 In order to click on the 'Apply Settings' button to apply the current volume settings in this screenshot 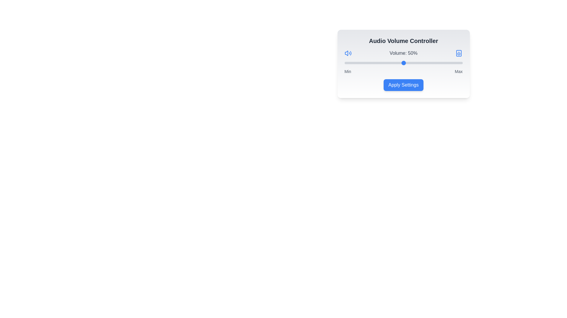, I will do `click(403, 85)`.